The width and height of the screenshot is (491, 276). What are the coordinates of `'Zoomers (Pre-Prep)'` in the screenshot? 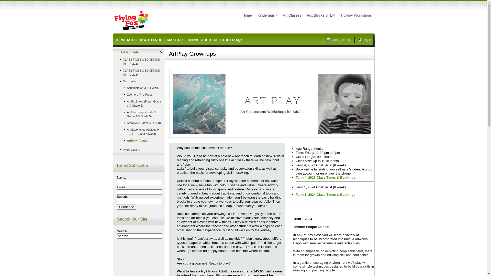 It's located at (114, 95).